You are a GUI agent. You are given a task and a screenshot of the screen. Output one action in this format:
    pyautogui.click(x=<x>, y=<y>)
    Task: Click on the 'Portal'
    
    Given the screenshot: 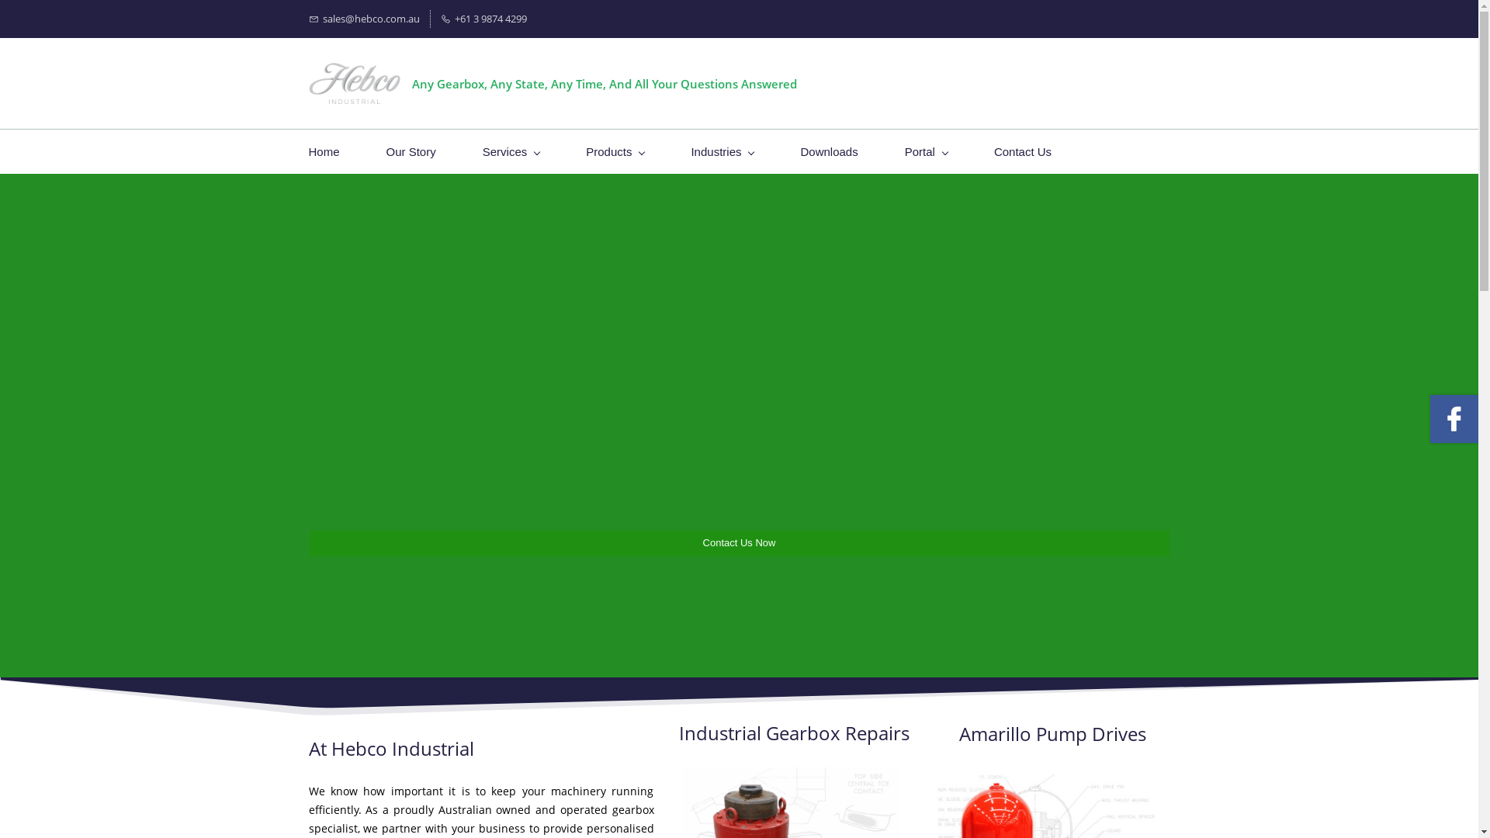 What is the action you would take?
    pyautogui.click(x=905, y=151)
    